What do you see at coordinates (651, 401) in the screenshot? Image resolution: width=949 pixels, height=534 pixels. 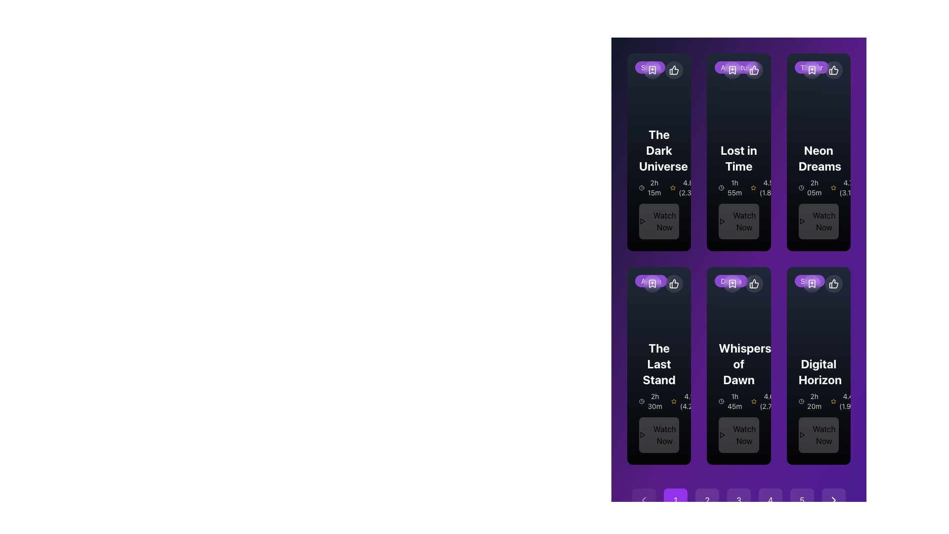 I see `the text with icon composite that indicates the duration of the movie 'The Last Stand', which is the first piece of information in the horizontally aligned group beneath the title` at bounding box center [651, 401].